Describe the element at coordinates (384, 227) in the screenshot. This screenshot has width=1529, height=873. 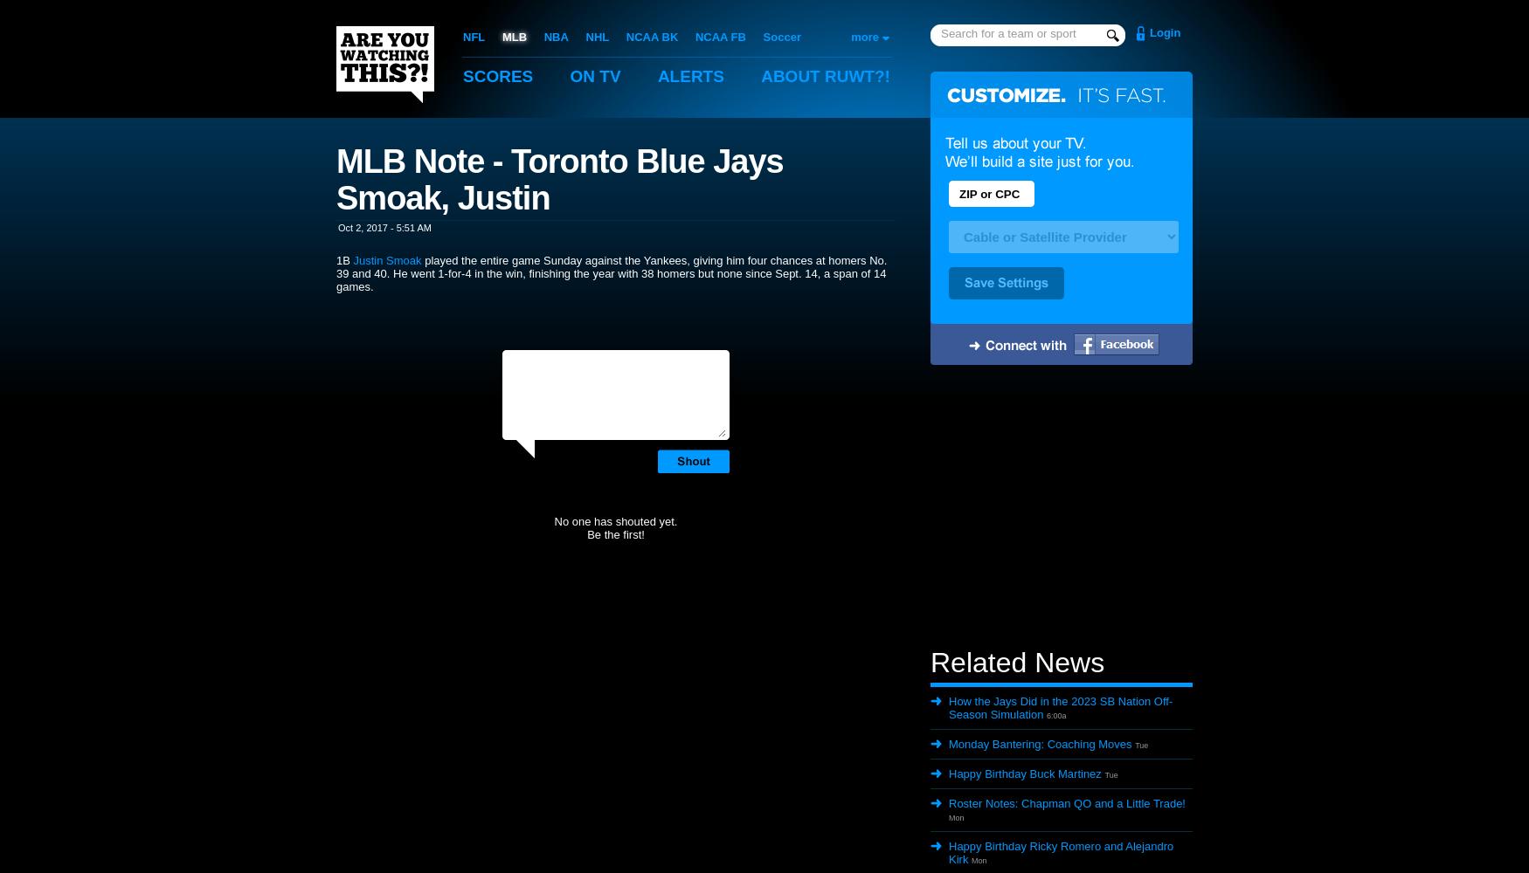
I see `'Oct 2, 2017 - 5:51 AM'` at that location.